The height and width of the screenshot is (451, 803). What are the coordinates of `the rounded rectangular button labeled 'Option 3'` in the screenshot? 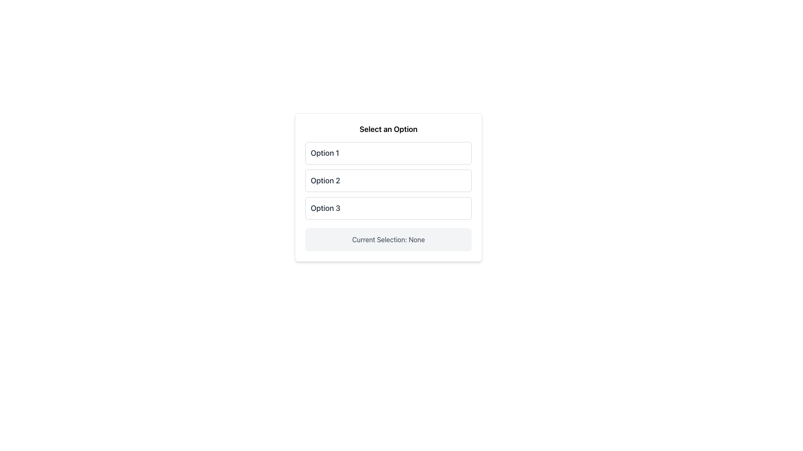 It's located at (388, 208).